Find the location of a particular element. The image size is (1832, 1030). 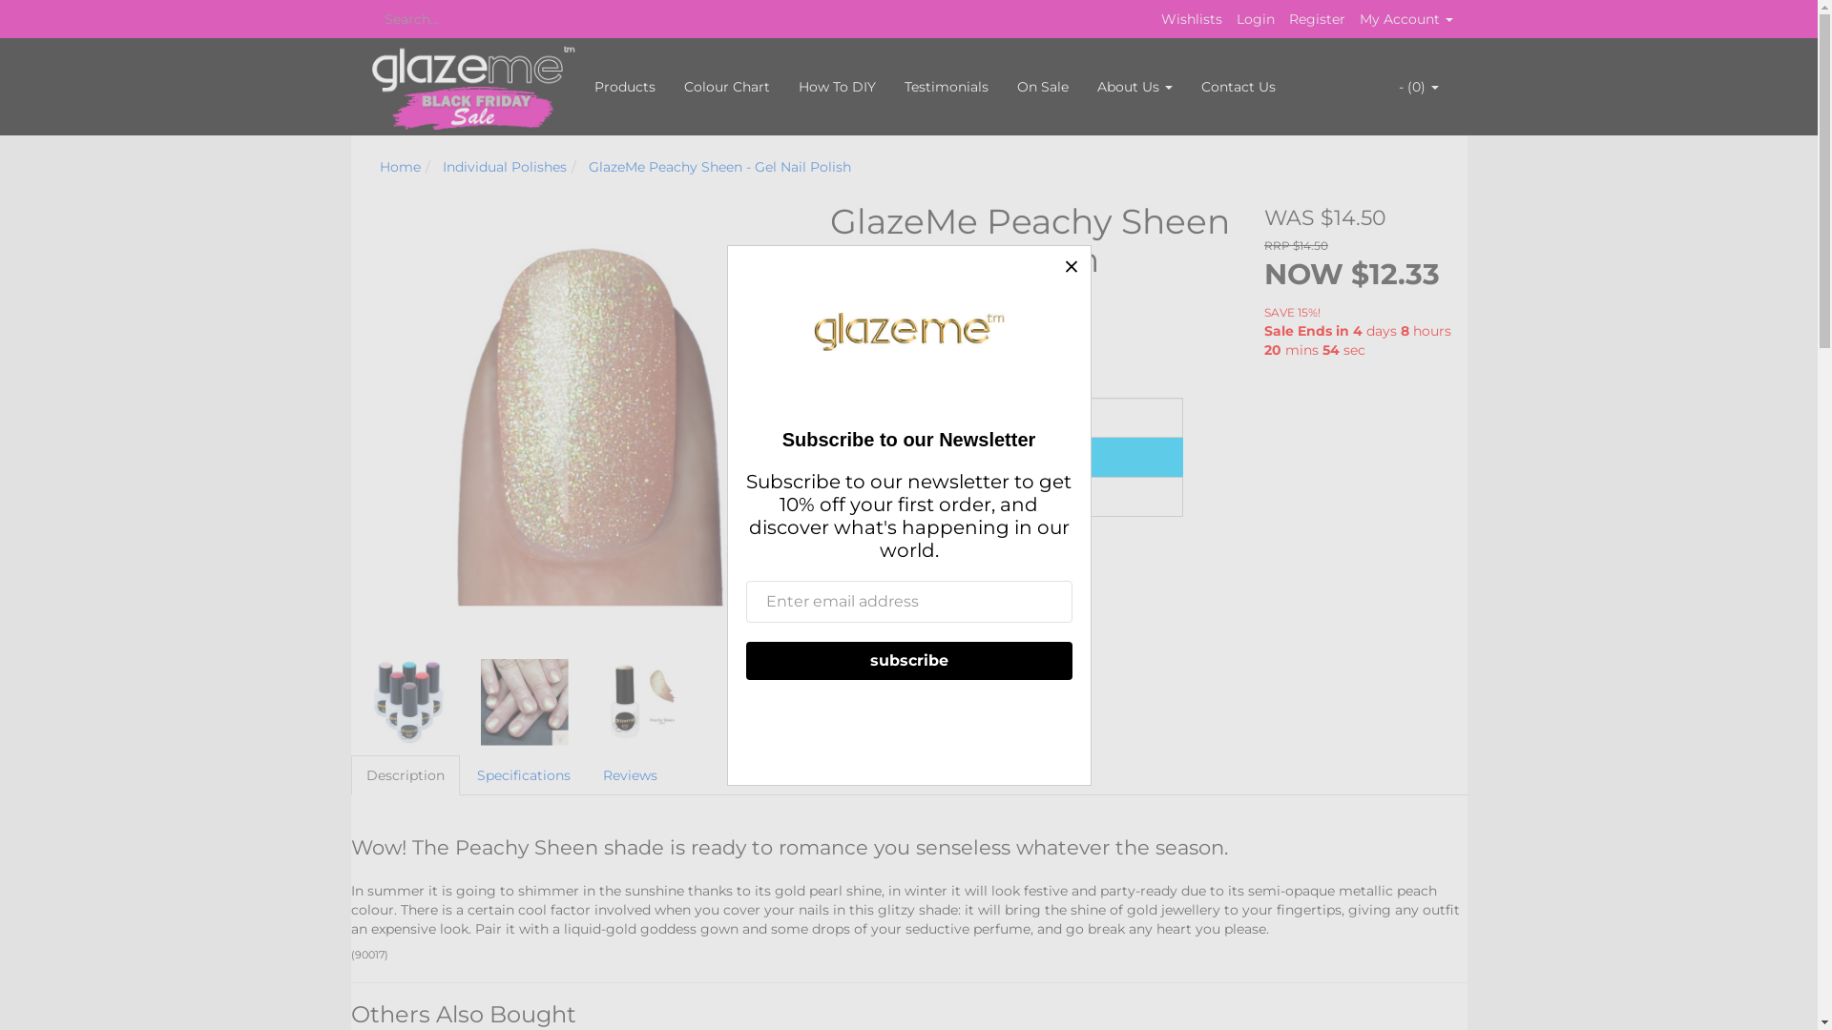

'Search' is located at coordinates (370, 18).